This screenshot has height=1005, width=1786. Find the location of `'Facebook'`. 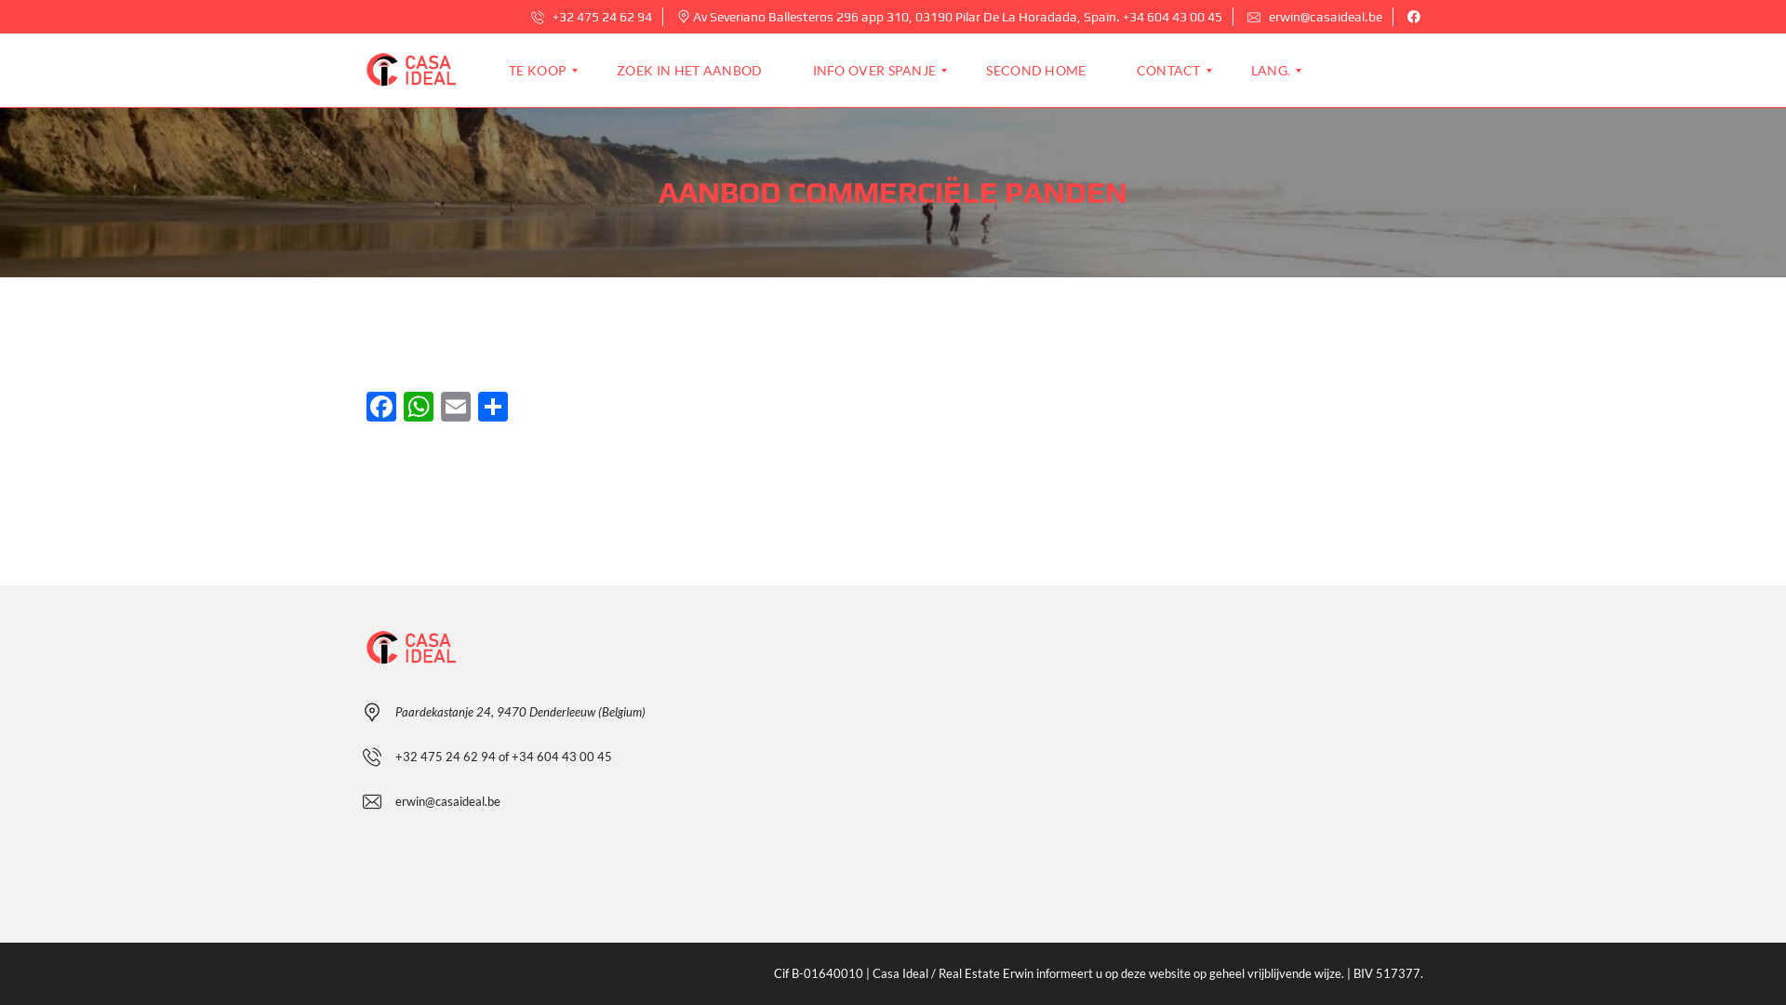

'Facebook' is located at coordinates (362, 408).